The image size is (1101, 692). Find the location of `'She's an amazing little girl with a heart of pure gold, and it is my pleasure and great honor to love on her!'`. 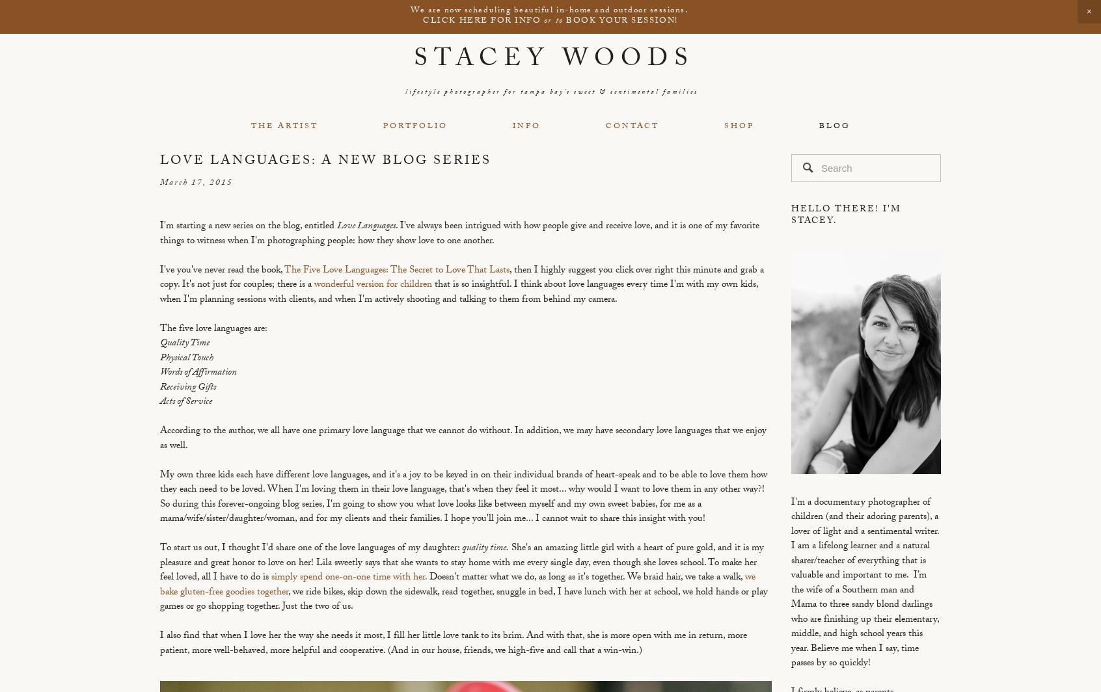

'She's an amazing little girl with a heart of pure gold, and it is my pleasure and great honor to love on her!' is located at coordinates (461, 556).